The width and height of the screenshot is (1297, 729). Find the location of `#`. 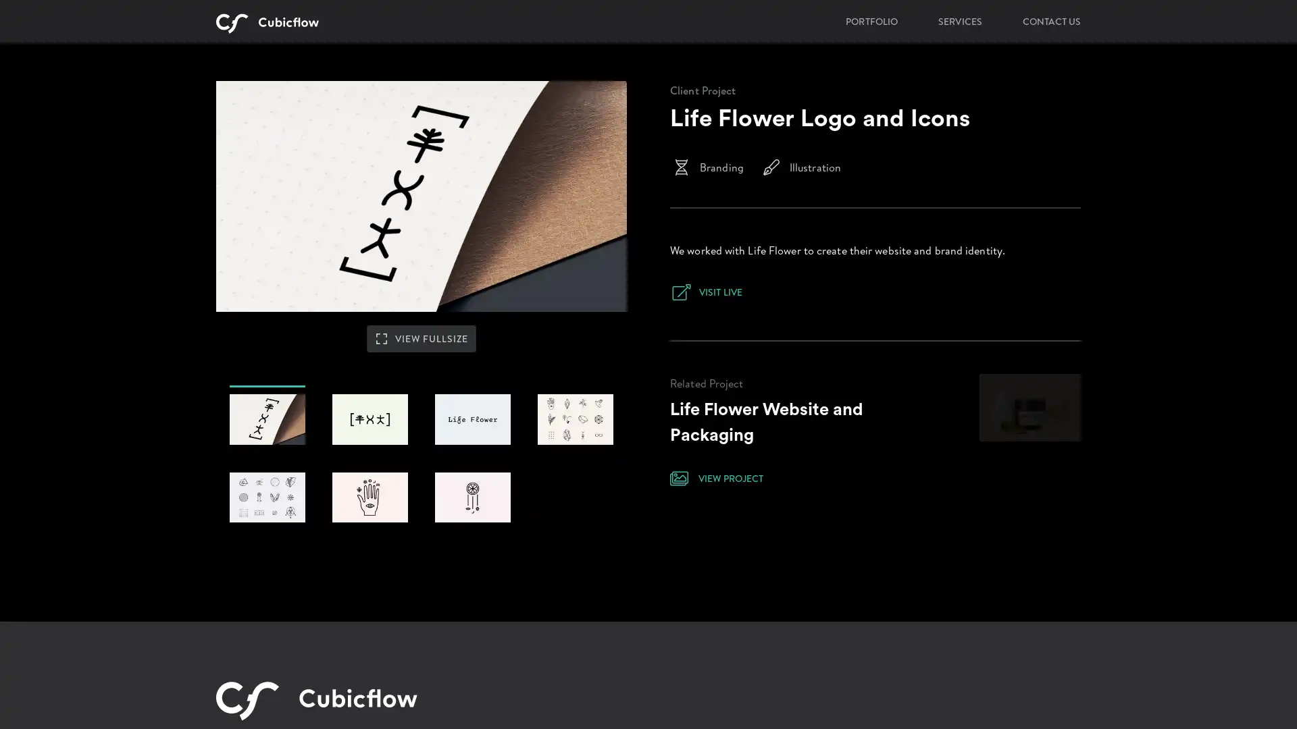

# is located at coordinates (370, 543).